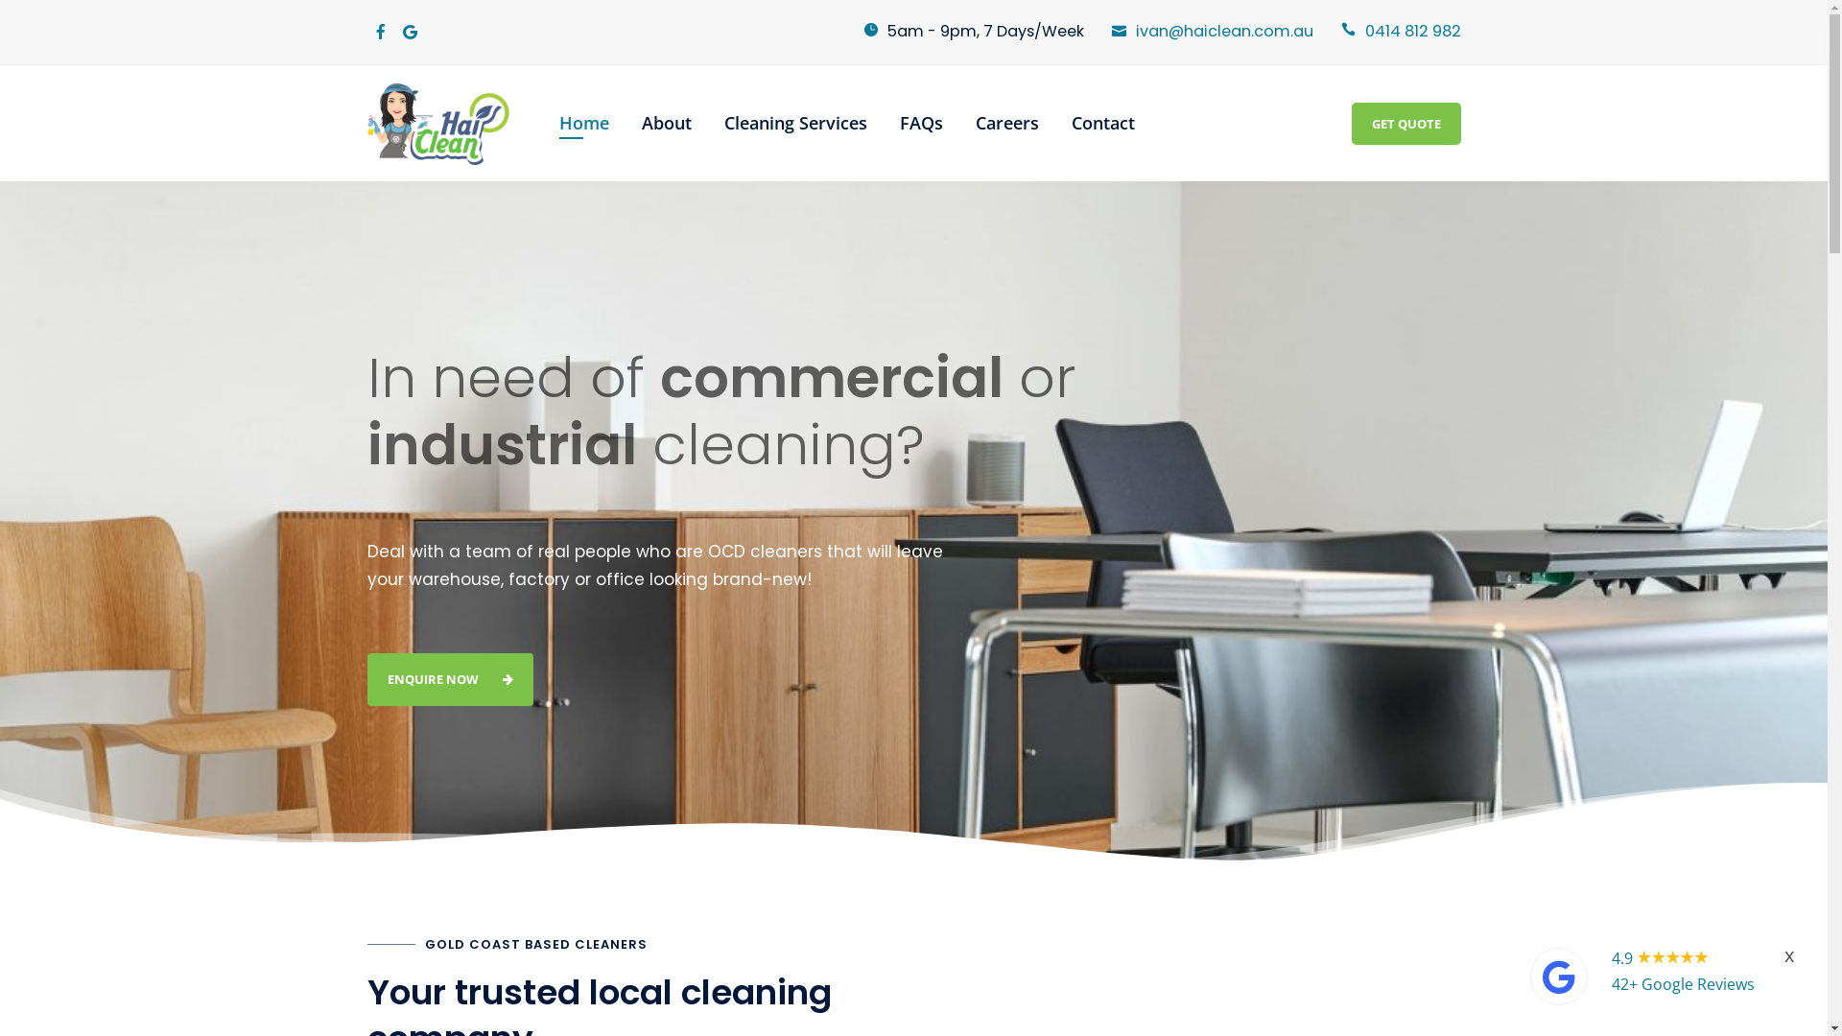 The height and width of the screenshot is (1036, 1842). What do you see at coordinates (448, 678) in the screenshot?
I see `'ENQUIRE NOW'` at bounding box center [448, 678].